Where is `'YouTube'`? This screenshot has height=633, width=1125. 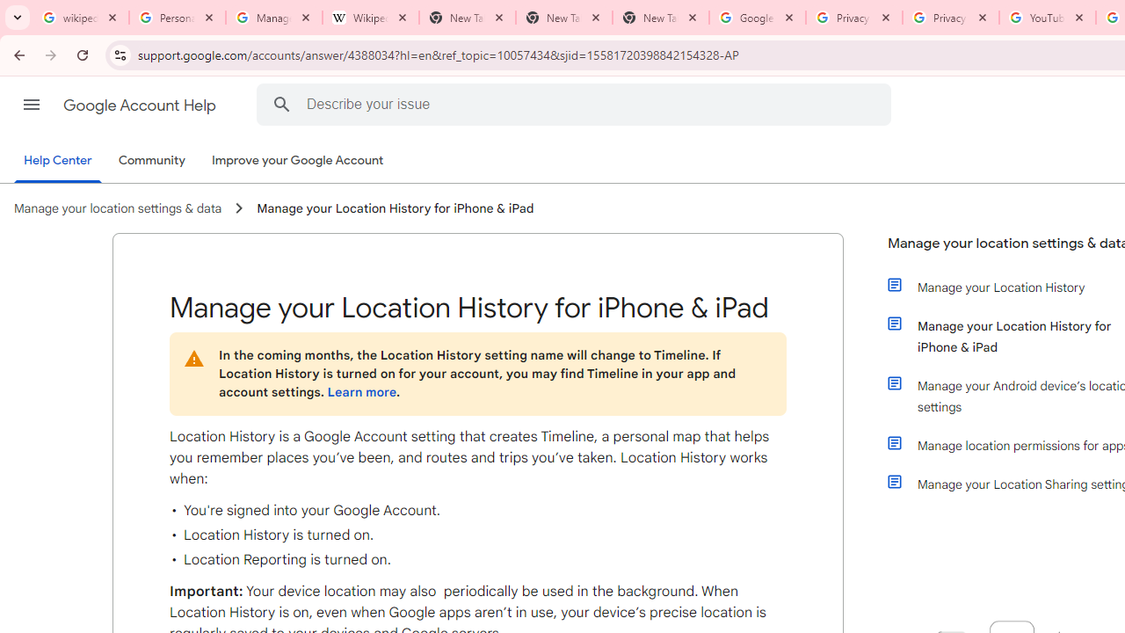 'YouTube' is located at coordinates (1047, 18).